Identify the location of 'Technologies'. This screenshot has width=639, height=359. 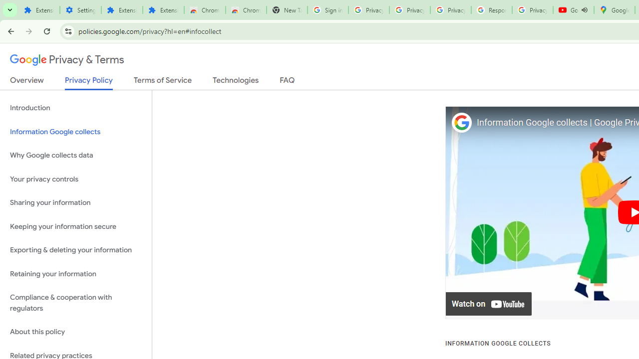
(235, 82).